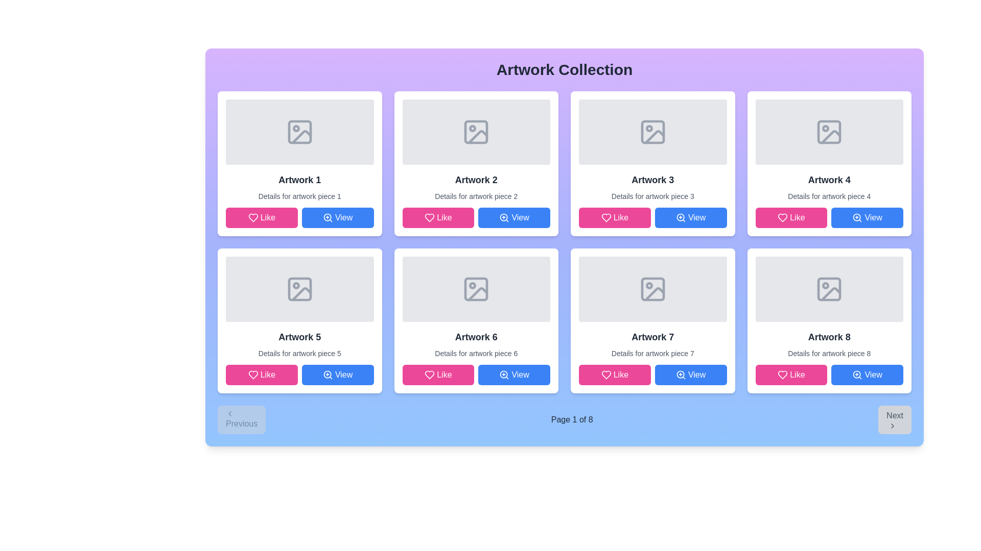 The height and width of the screenshot is (551, 981). What do you see at coordinates (857, 217) in the screenshot?
I see `the magnifying glass icon with a '+' symbol at its center, which is part of the 'View' button located beneath 'Artwork 4' in the artwork grid` at bounding box center [857, 217].